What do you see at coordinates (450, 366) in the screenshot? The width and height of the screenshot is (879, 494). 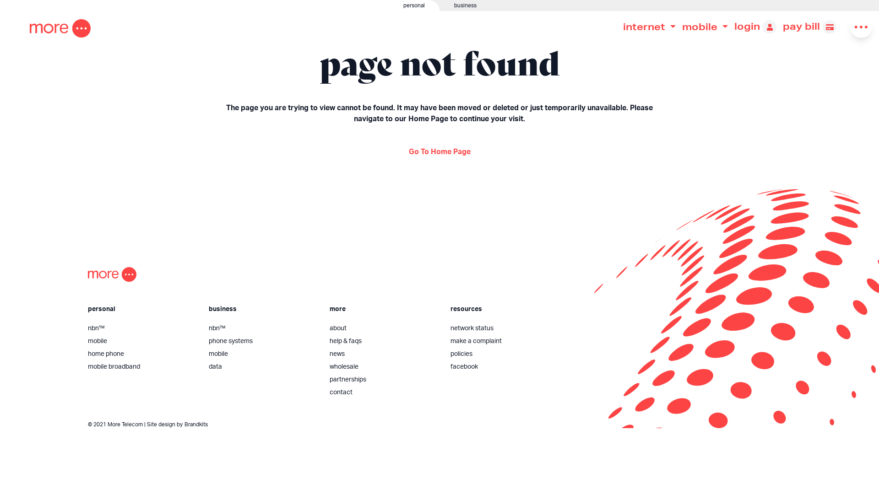 I see `'facebook'` at bounding box center [450, 366].